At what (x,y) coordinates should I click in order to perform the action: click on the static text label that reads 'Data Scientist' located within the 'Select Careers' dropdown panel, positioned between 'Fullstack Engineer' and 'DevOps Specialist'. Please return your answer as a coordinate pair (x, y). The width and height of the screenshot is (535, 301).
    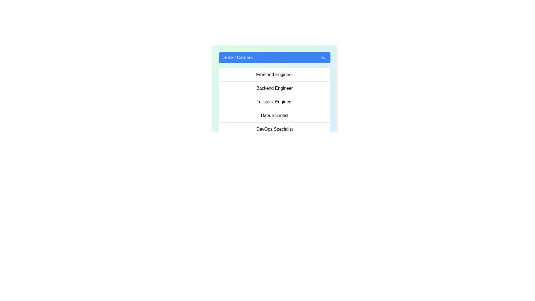
    Looking at the image, I should click on (274, 115).